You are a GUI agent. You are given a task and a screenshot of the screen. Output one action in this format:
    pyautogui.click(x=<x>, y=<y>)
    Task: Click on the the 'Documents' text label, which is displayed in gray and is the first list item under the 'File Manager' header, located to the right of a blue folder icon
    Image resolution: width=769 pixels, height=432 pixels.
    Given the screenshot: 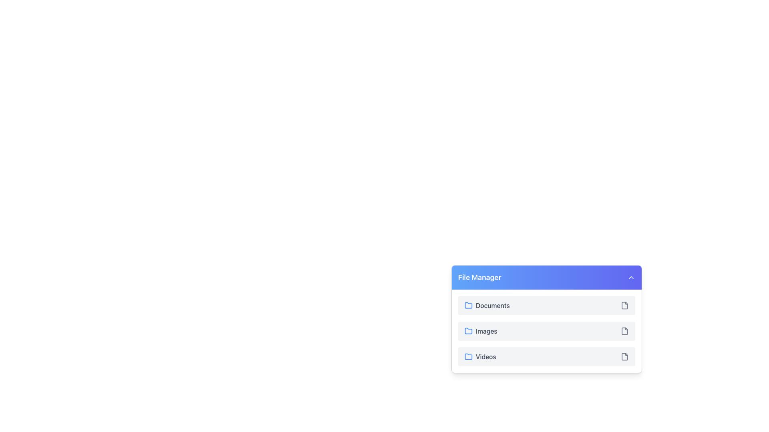 What is the action you would take?
    pyautogui.click(x=492, y=305)
    